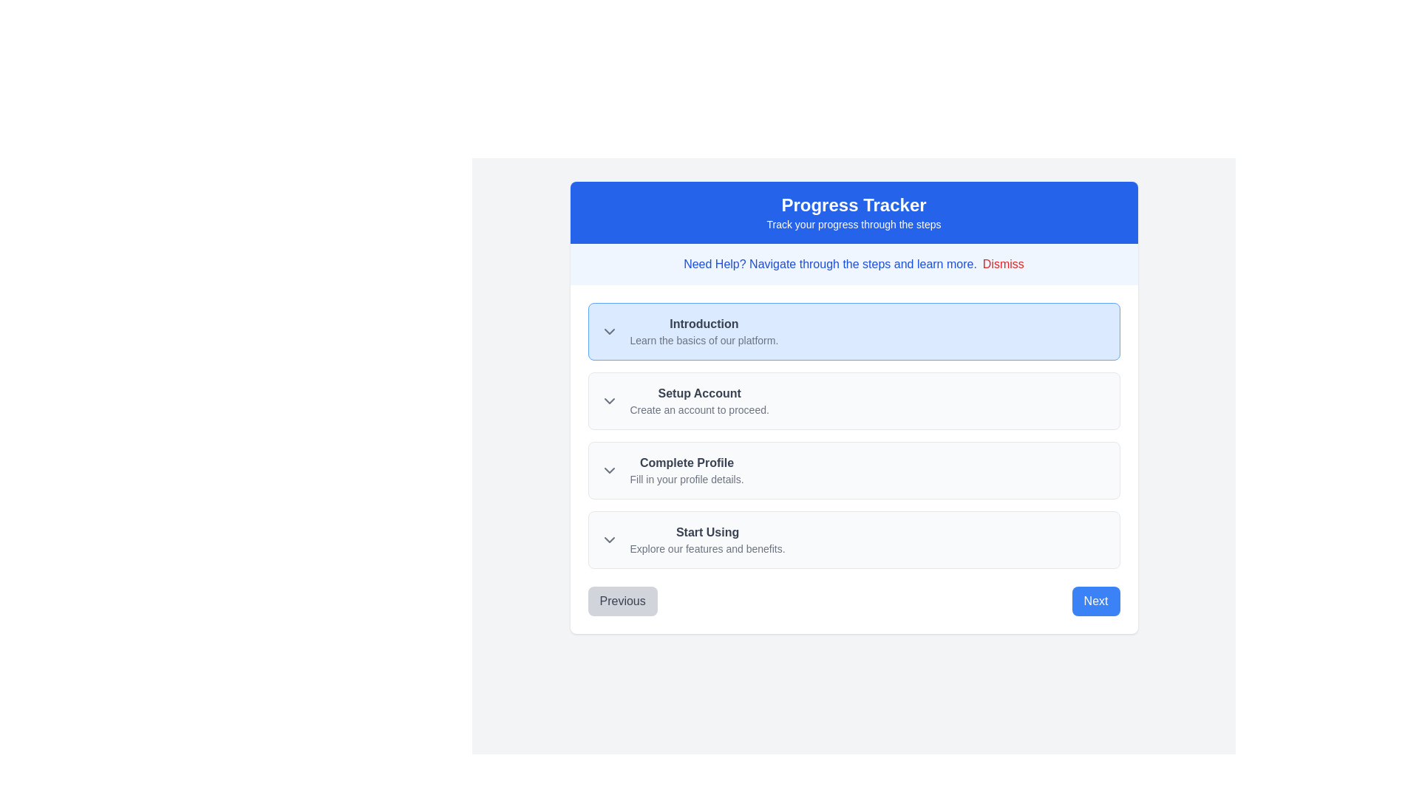  I want to click on the text label that contains 'Create an account to proceed.' located below the 'Setup Account' heading, so click(698, 410).